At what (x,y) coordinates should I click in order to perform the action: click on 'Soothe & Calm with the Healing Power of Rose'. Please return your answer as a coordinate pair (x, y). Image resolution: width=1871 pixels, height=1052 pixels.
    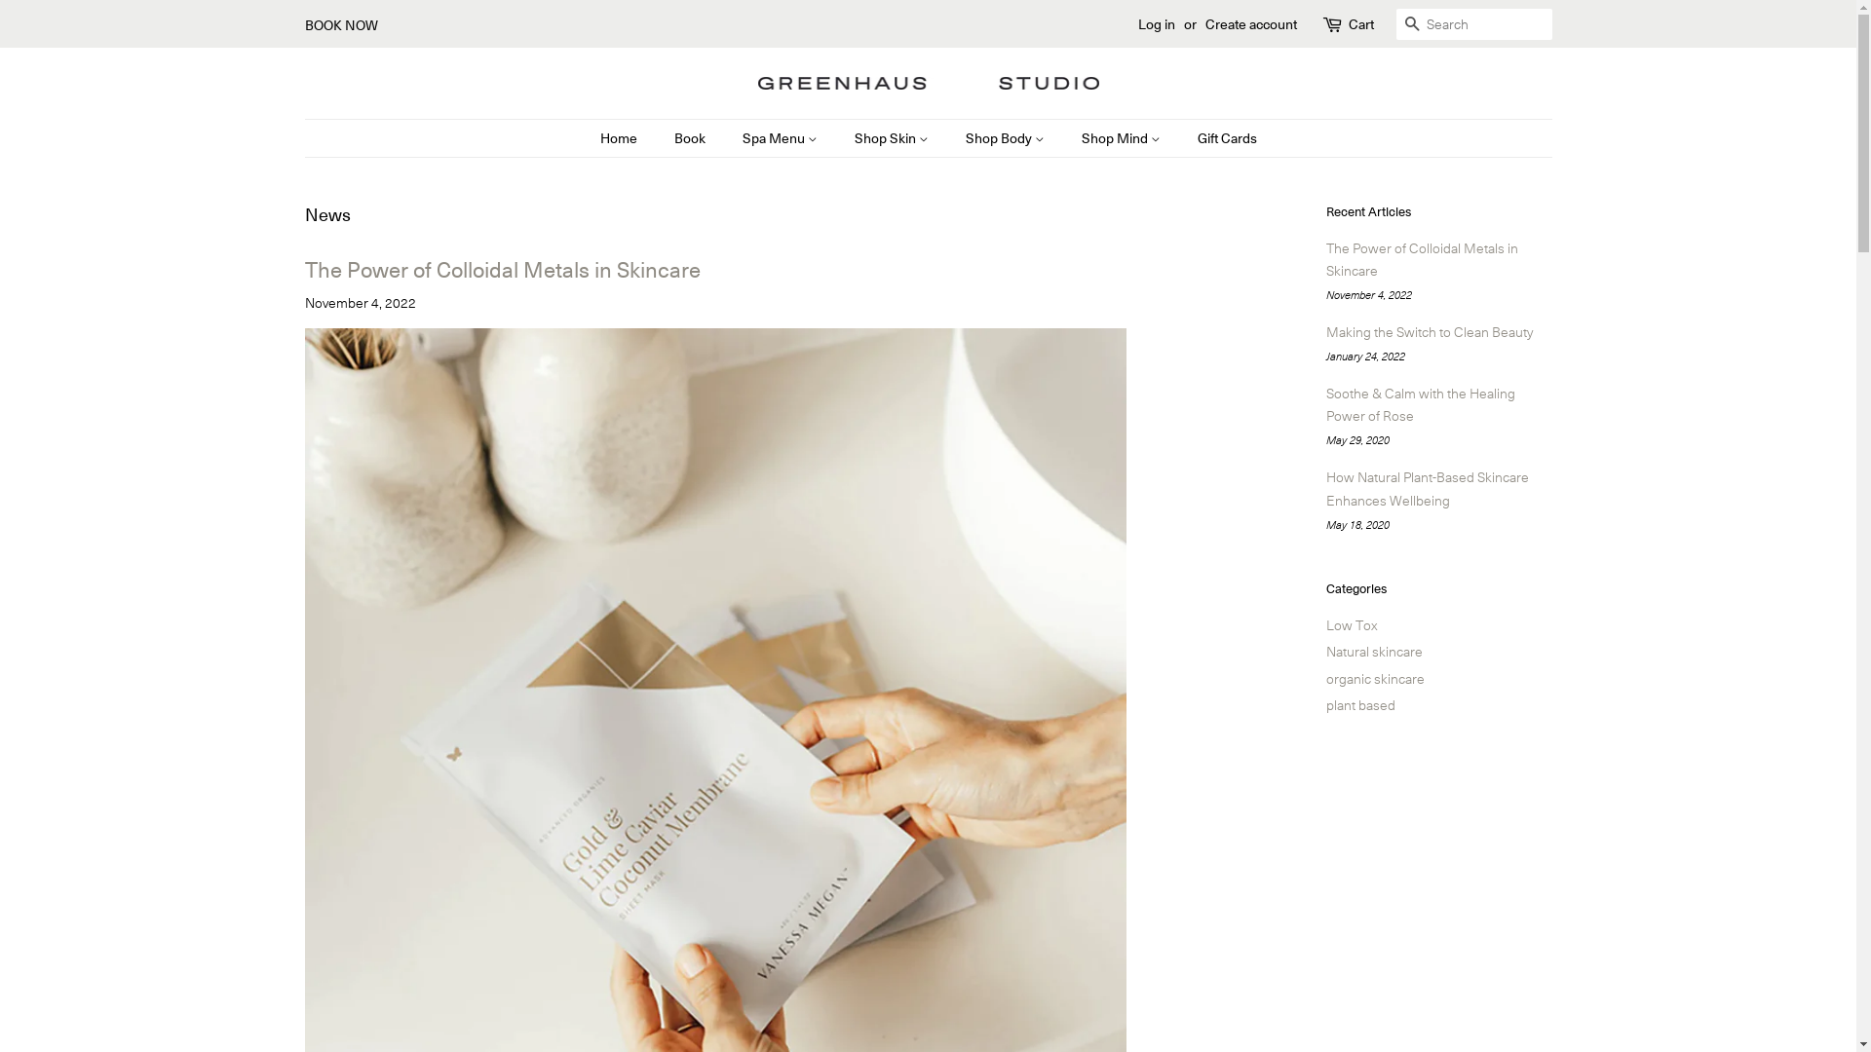
    Looking at the image, I should click on (1420, 403).